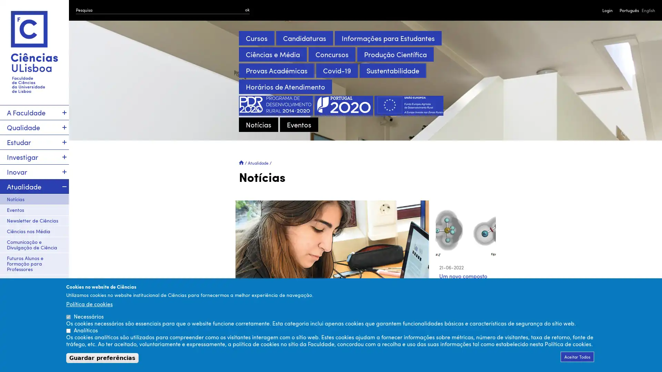  I want to click on Politica de cookies, so click(89, 303).